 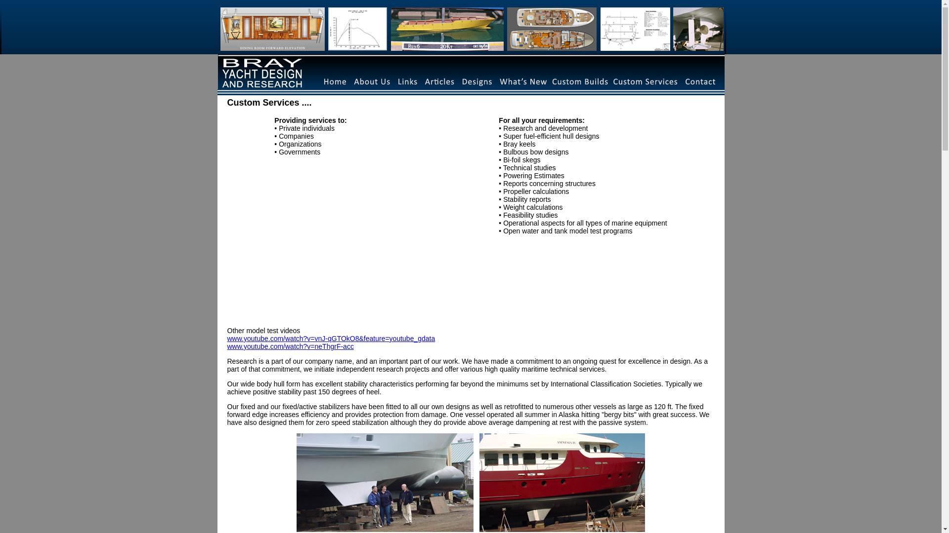 What do you see at coordinates (290, 346) in the screenshot?
I see `'www.youtube.com/watch?v=neThgrF-acc'` at bounding box center [290, 346].